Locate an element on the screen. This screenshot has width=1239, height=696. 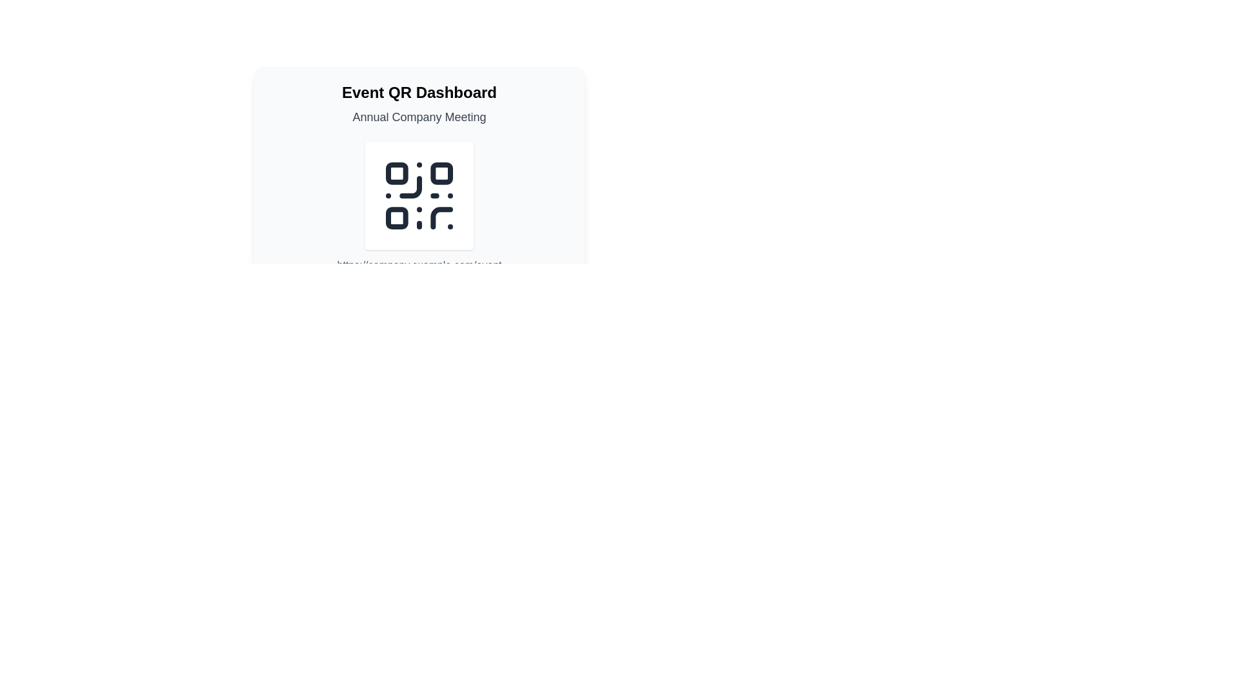
the text element that provides the URL associated with the QR code, which is positioned immediately below the QR code graphic is located at coordinates (419, 265).